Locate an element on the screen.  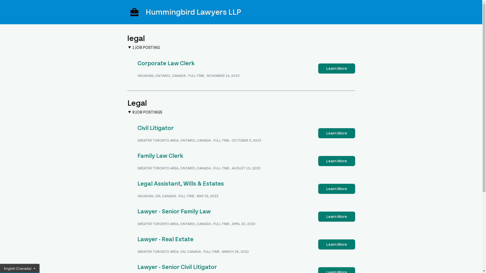
'Lawyer - Real Estate' is located at coordinates (137, 239).